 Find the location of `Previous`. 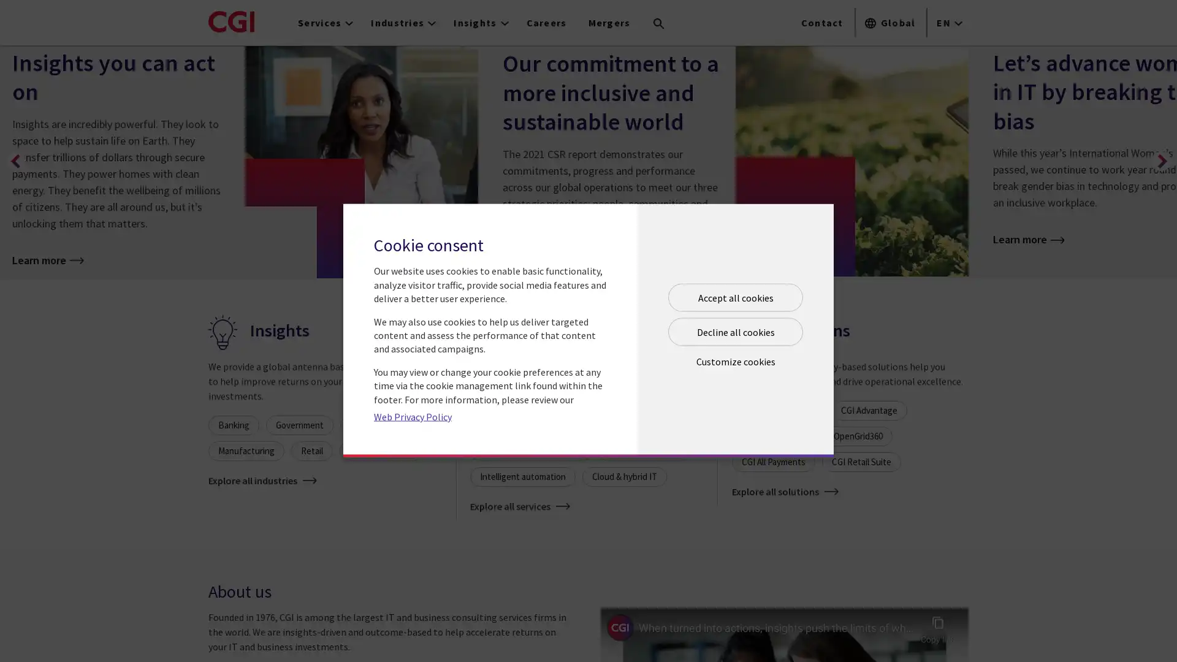

Previous is located at coordinates (15, 159).